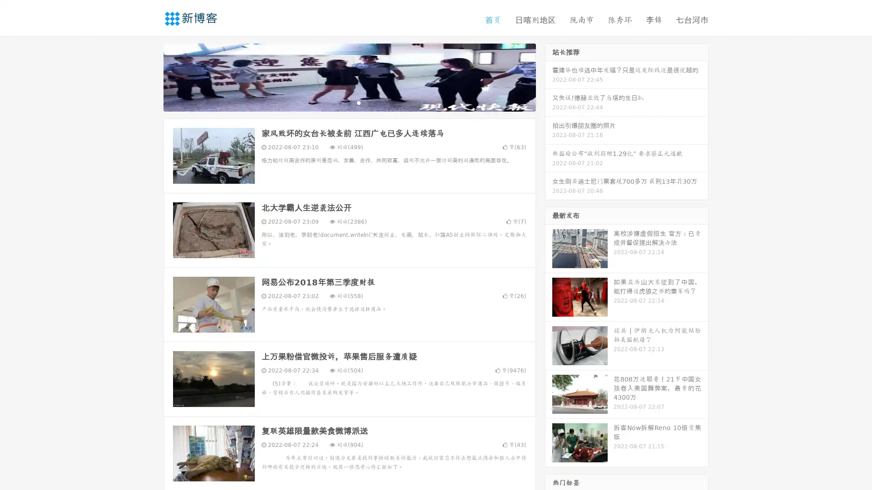 The width and height of the screenshot is (872, 490). What do you see at coordinates (340, 102) in the screenshot?
I see `Go to slide 1` at bounding box center [340, 102].